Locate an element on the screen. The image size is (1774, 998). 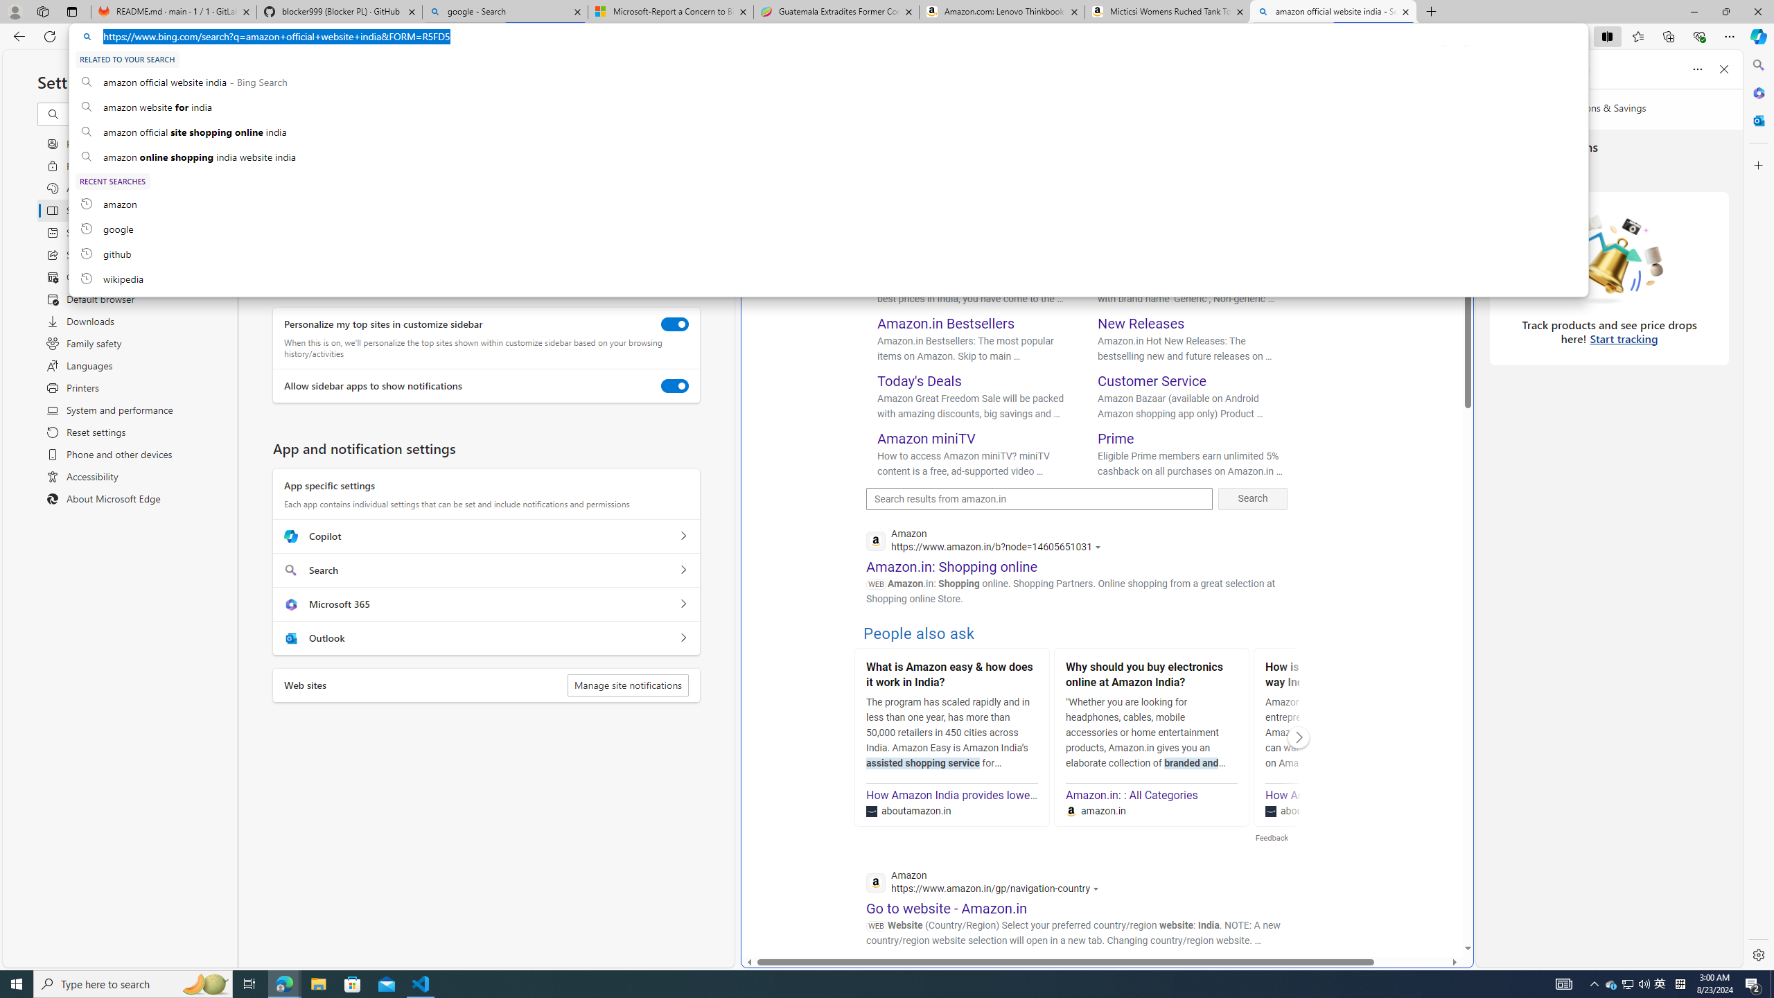
'Amazon.in Bestsellers' is located at coordinates (946, 324).